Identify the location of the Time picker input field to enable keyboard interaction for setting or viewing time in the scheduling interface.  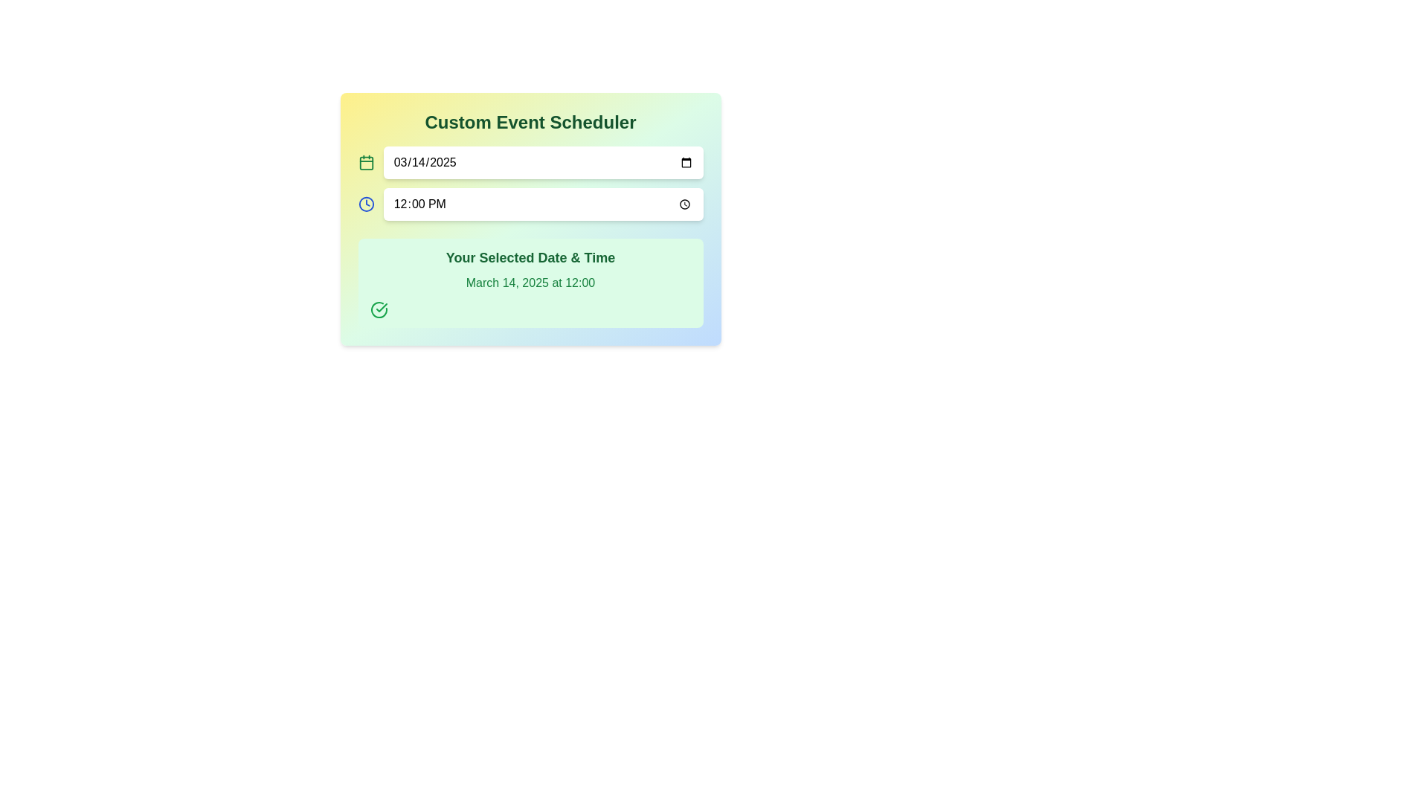
(530, 204).